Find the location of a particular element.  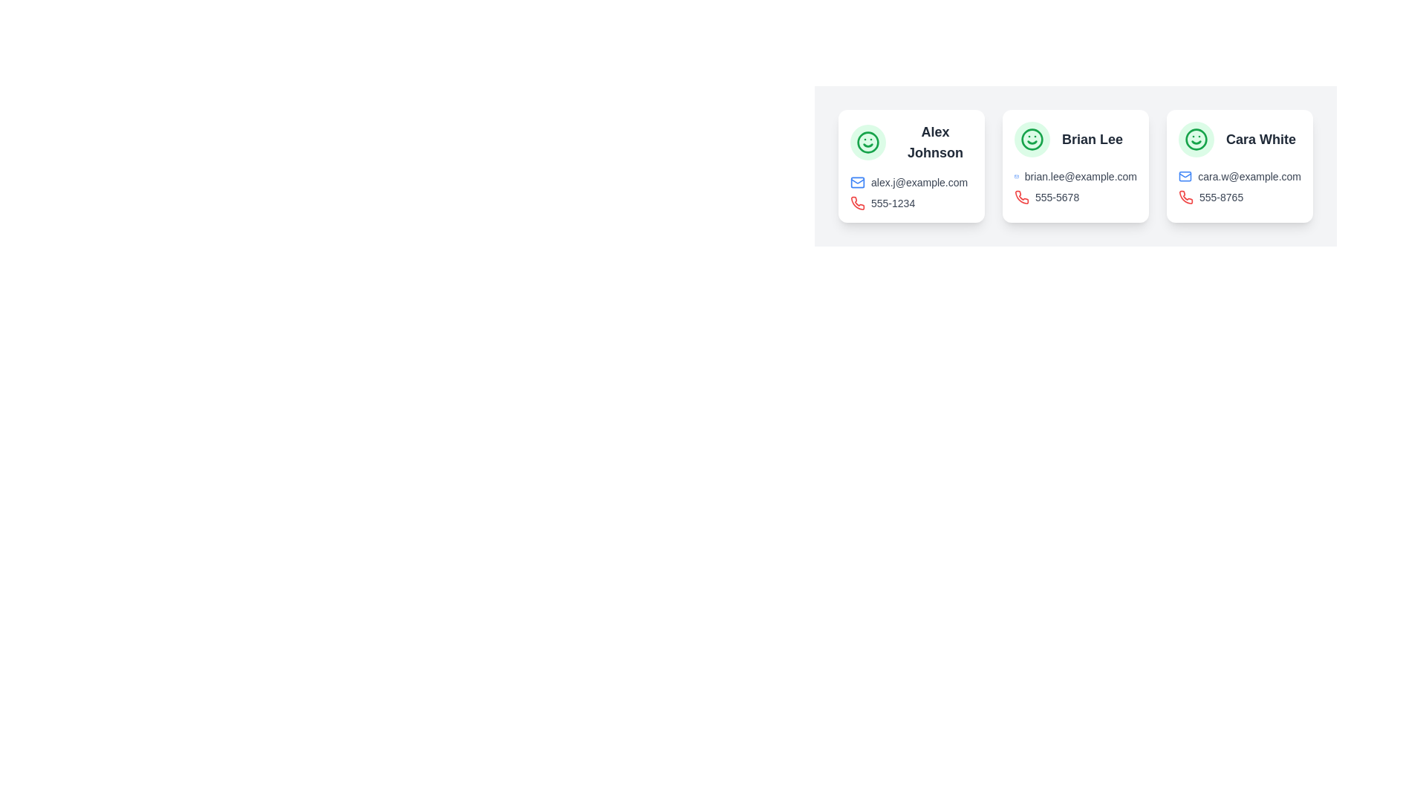

the email icon in the Information display associated with 'Alex Johnson' is located at coordinates (911, 192).